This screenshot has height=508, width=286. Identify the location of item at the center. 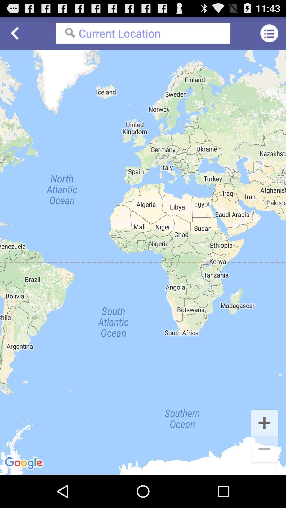
(143, 262).